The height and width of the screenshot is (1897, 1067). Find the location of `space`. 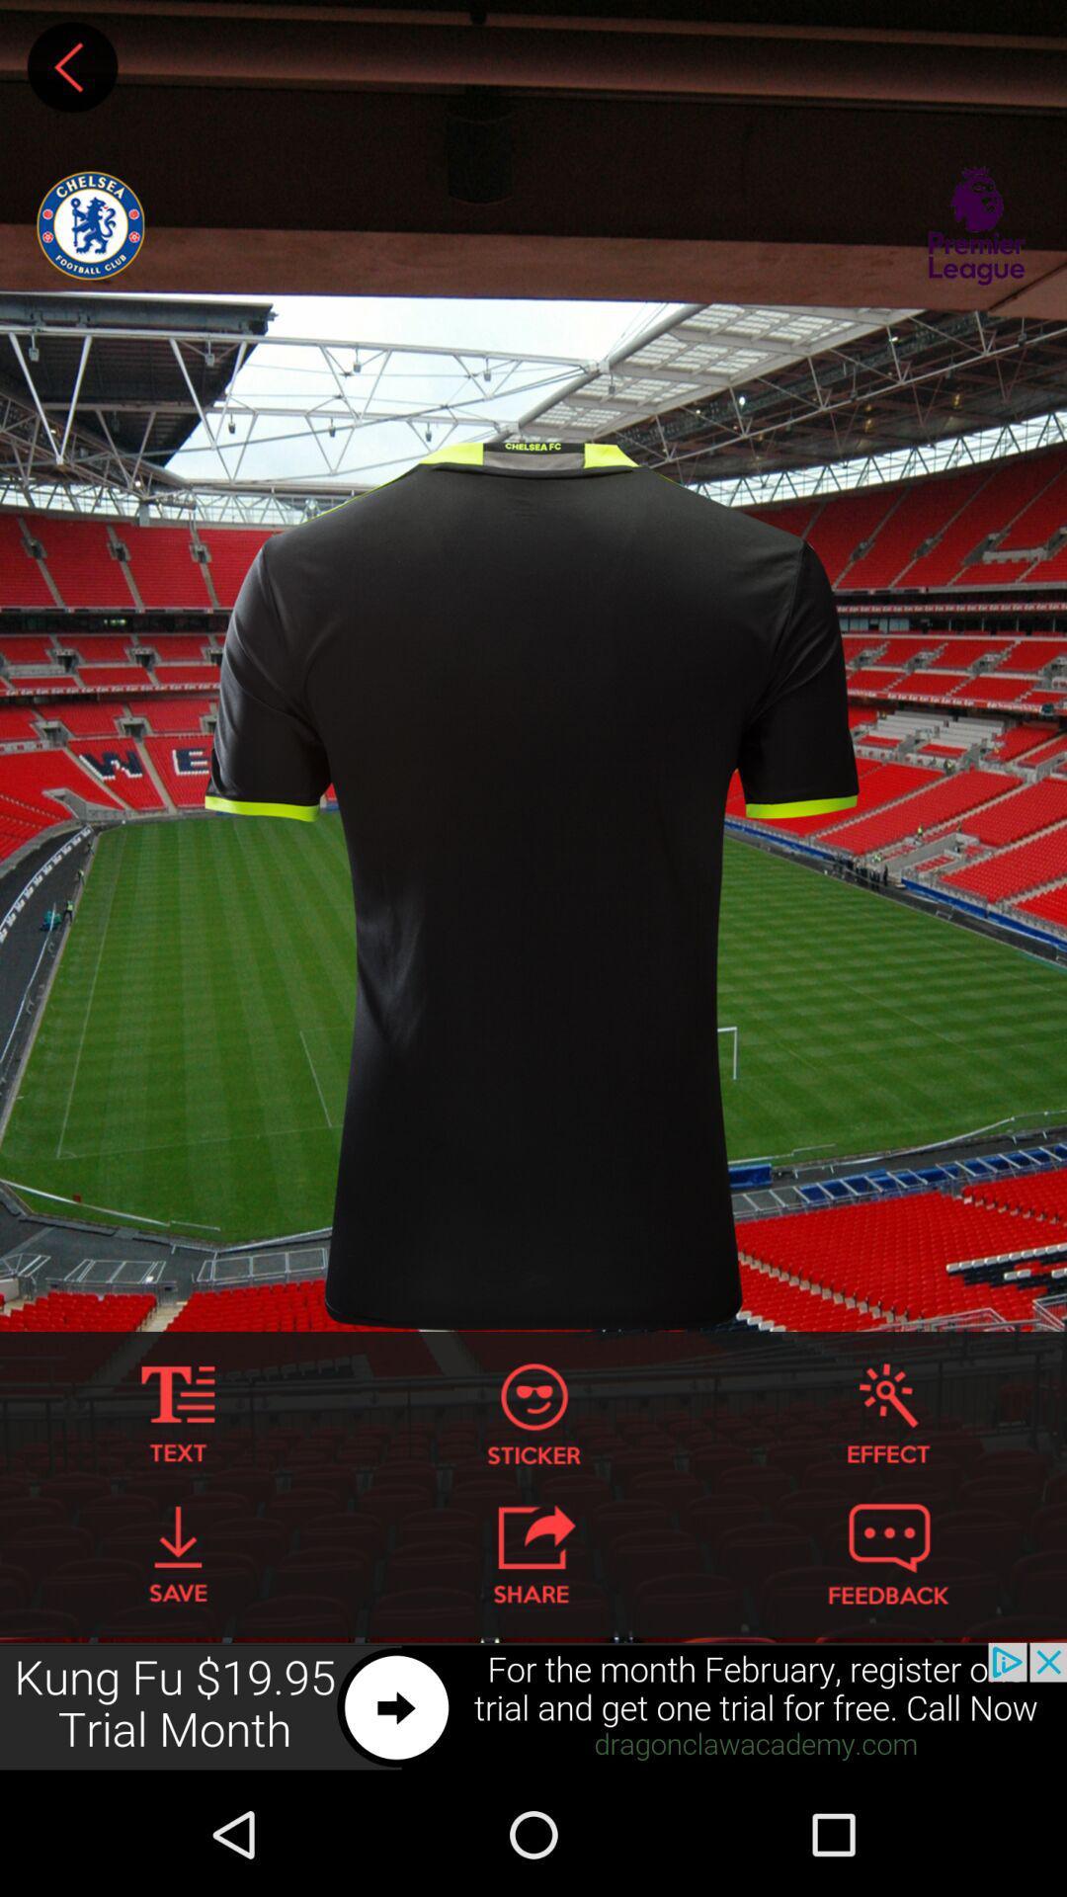

space is located at coordinates (71, 67).